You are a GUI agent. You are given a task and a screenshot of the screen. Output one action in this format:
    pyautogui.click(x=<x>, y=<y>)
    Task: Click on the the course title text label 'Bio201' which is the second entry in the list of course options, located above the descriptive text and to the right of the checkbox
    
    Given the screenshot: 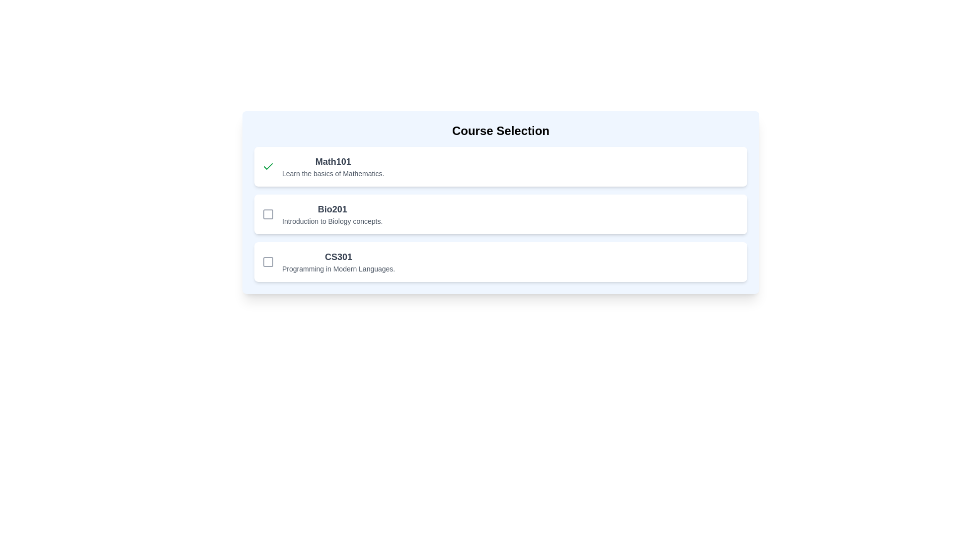 What is the action you would take?
    pyautogui.click(x=332, y=208)
    